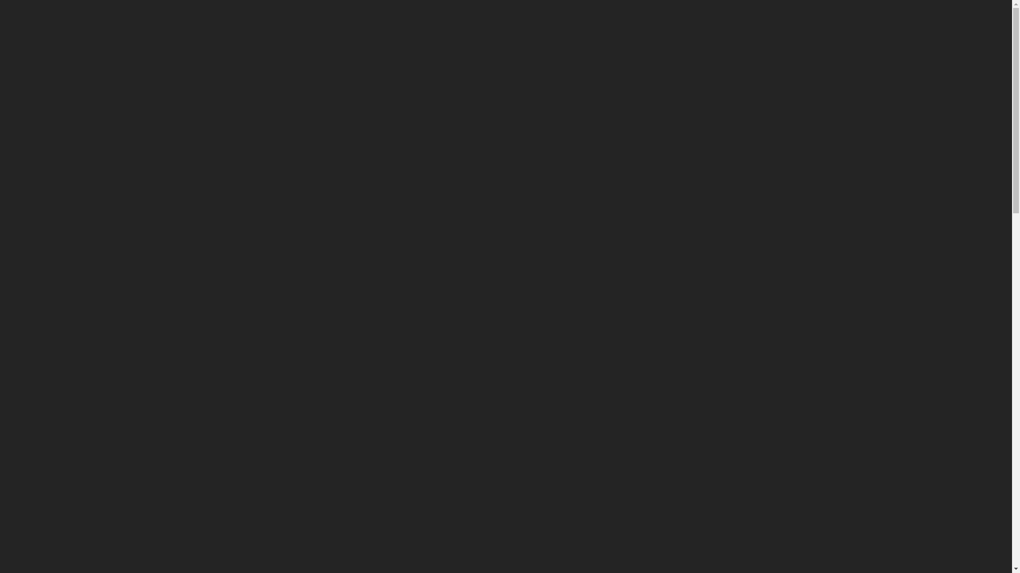 This screenshot has width=1020, height=573. What do you see at coordinates (379, 58) in the screenshot?
I see `'RECENT PROJECTS'` at bounding box center [379, 58].